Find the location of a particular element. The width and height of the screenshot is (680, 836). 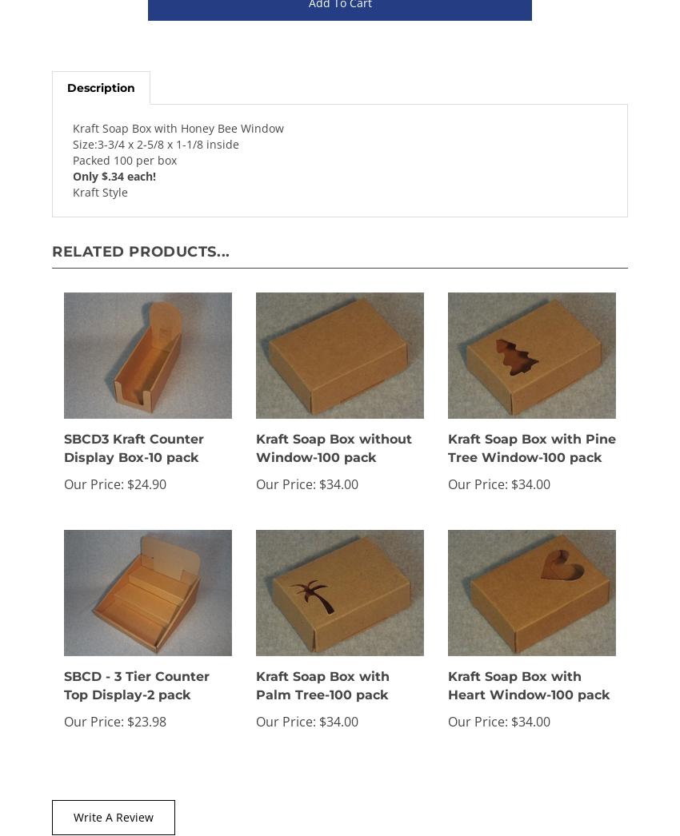

'Kraft Soap Box without Window-100 pack' is located at coordinates (334, 447).